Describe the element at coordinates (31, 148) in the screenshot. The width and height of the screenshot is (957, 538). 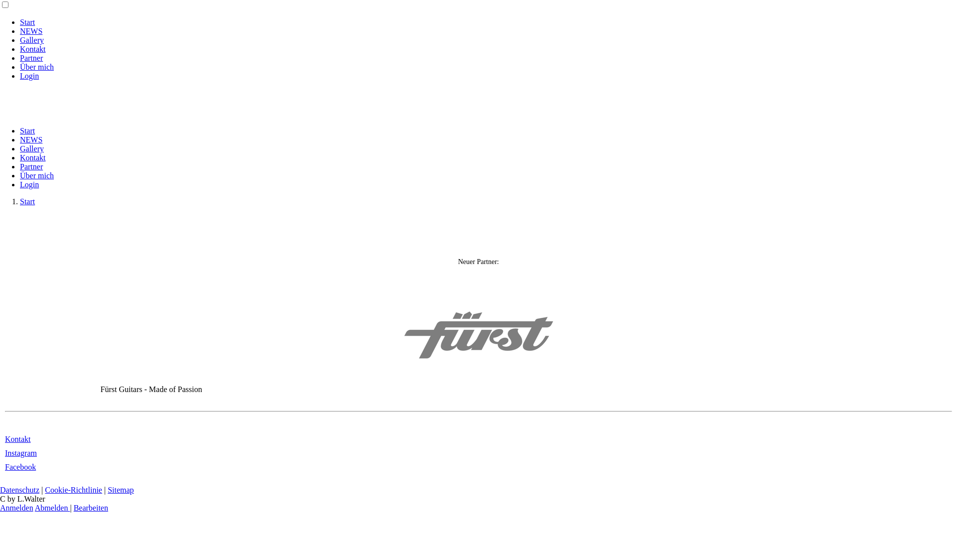
I see `'Gallery'` at that location.